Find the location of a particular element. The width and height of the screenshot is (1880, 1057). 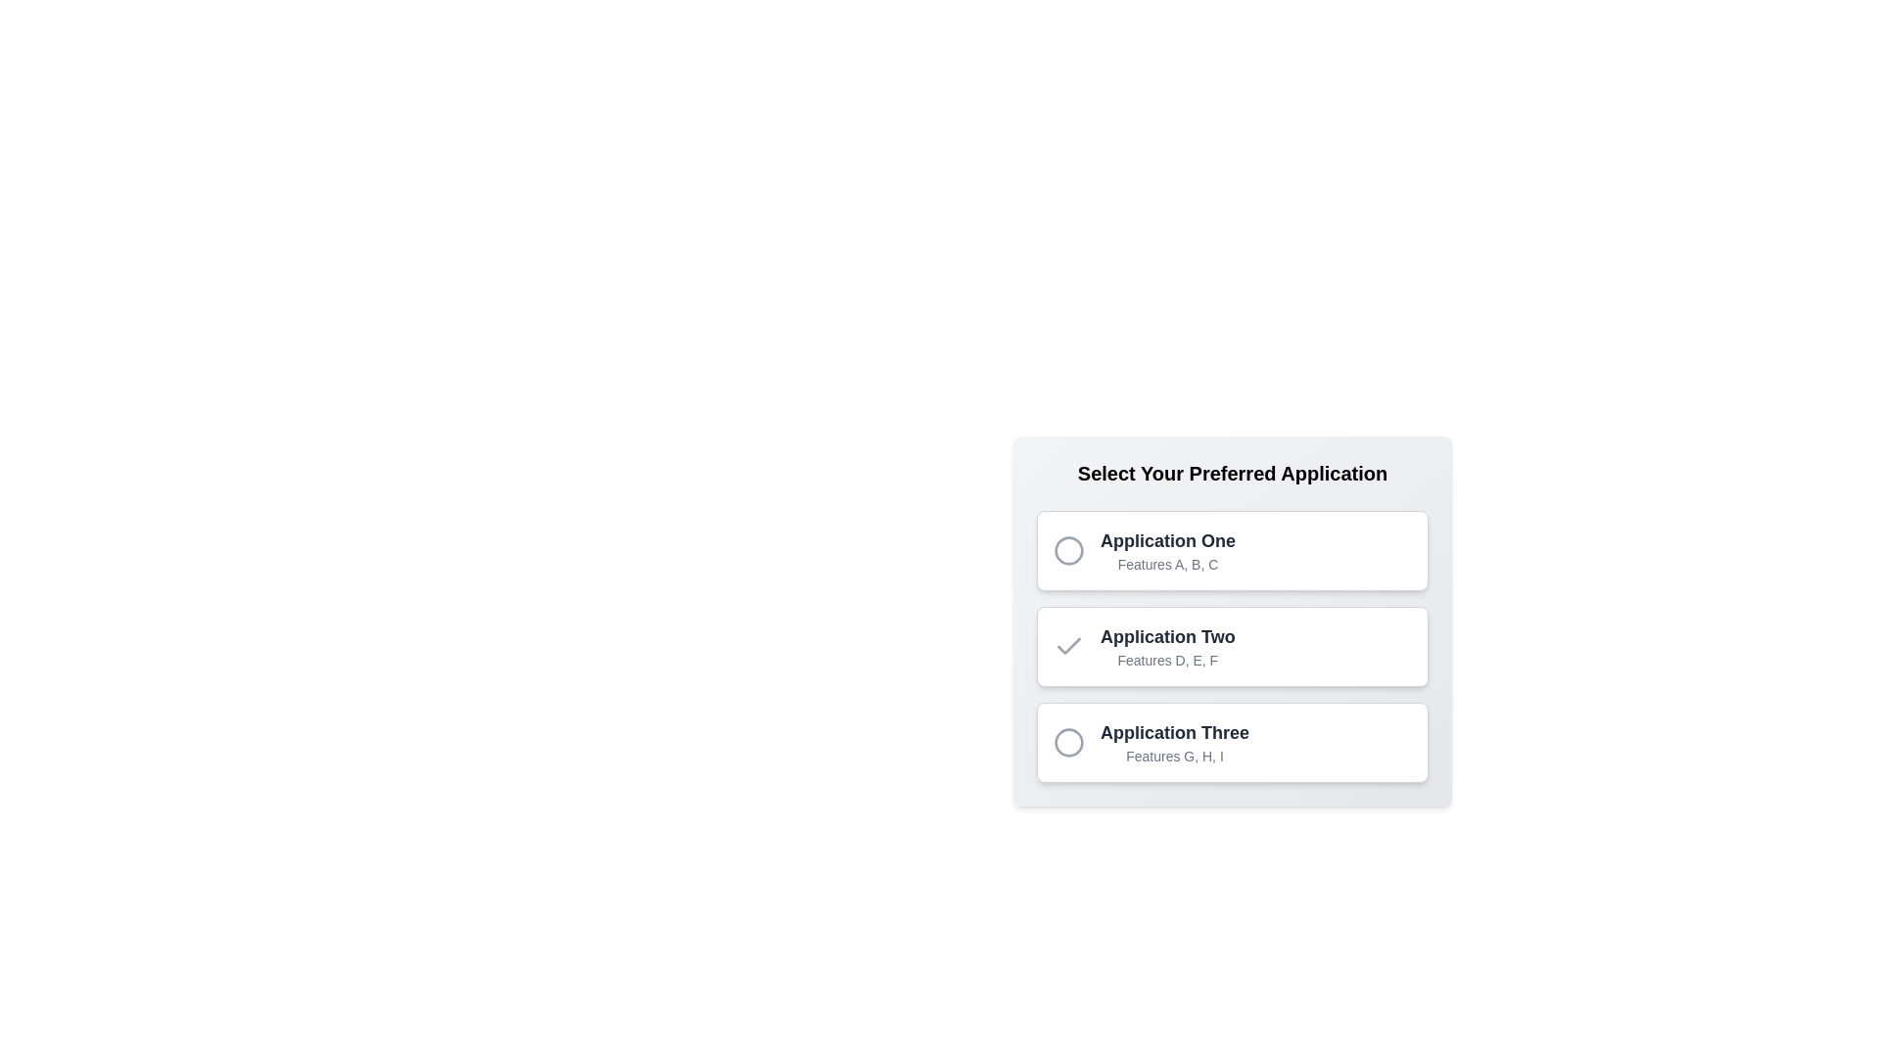

the circular SVG graphic that serves as a placeholder or status indicator for 'Application One' in the preferences selection list is located at coordinates (1067, 551).